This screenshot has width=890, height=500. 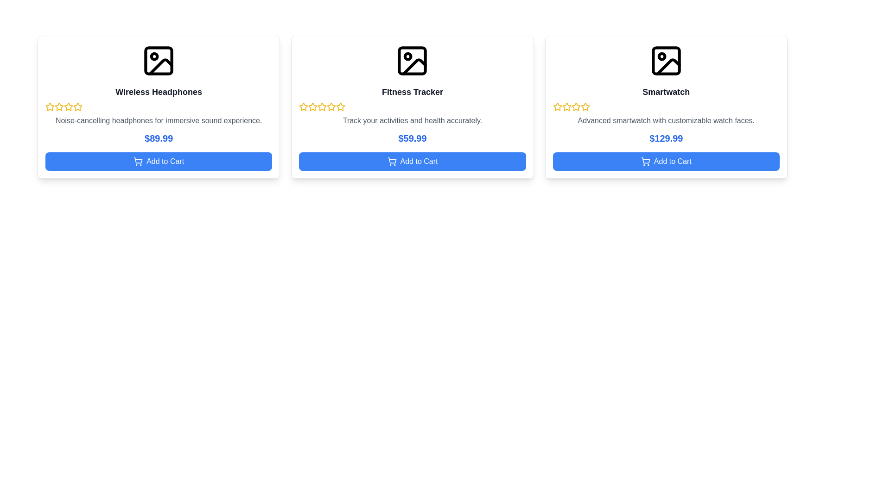 I want to click on the image placeholder icon representing the 'Smartwatch' product, which is a minimalist black and white pictorial icon with a circular shape and angular line, located at the top-center of the card in the product listing grid, so click(x=666, y=61).